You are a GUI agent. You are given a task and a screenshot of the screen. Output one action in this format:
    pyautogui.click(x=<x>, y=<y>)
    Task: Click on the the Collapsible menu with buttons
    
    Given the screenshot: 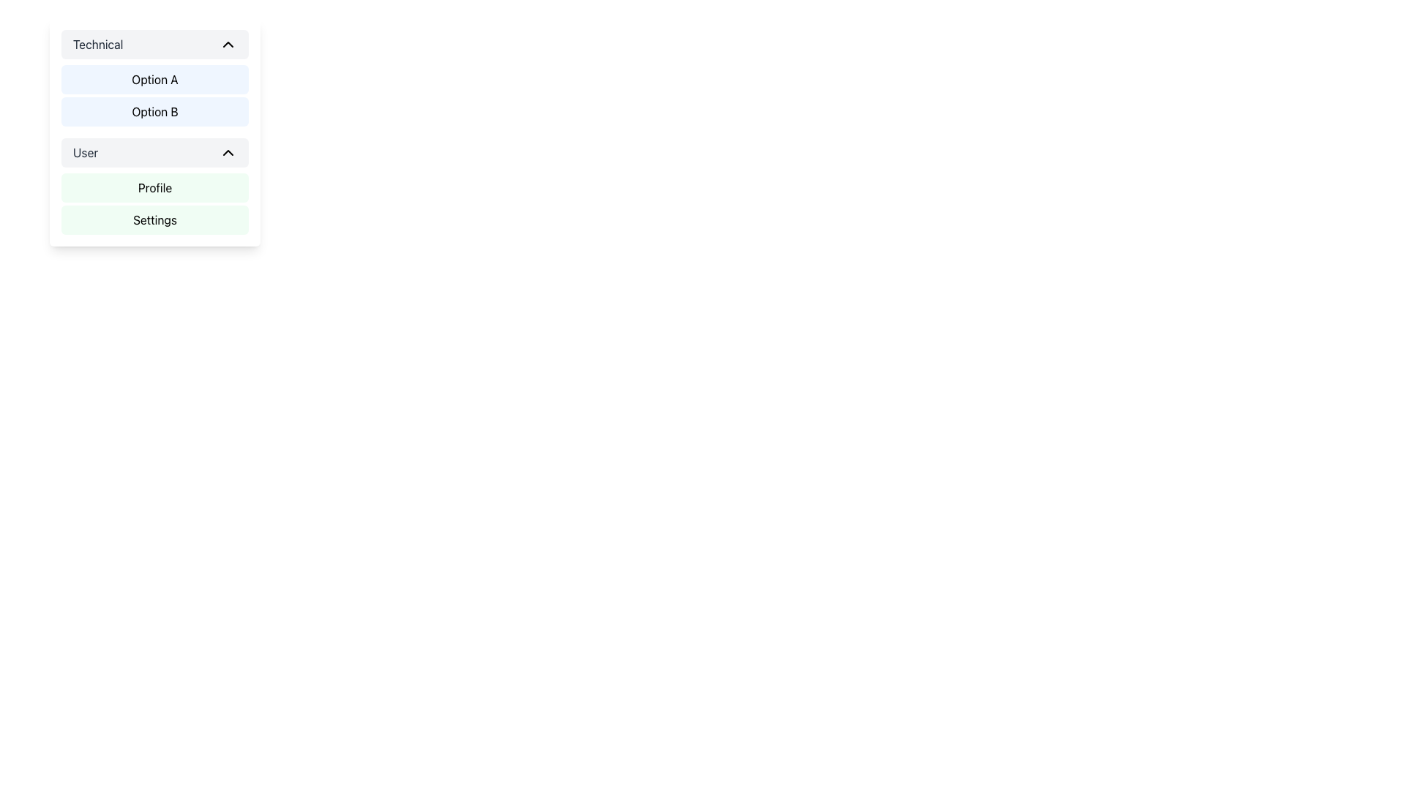 What is the action you would take?
    pyautogui.click(x=154, y=132)
    